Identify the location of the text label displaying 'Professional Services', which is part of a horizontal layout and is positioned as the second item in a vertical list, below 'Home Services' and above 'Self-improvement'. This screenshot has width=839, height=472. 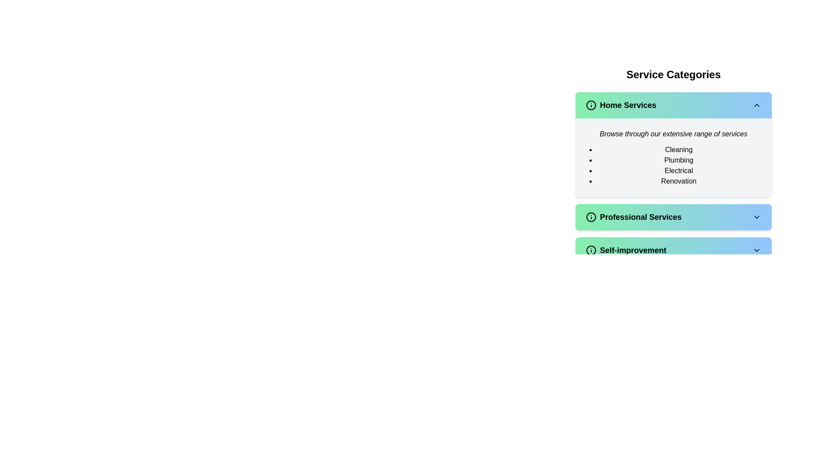
(634, 217).